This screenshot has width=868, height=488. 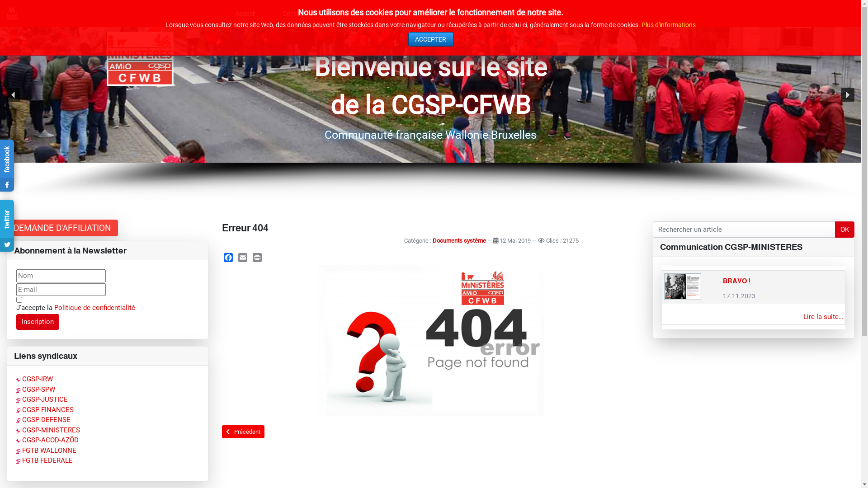 What do you see at coordinates (15, 399) in the screenshot?
I see `' CGSP-JUSTICE'` at bounding box center [15, 399].